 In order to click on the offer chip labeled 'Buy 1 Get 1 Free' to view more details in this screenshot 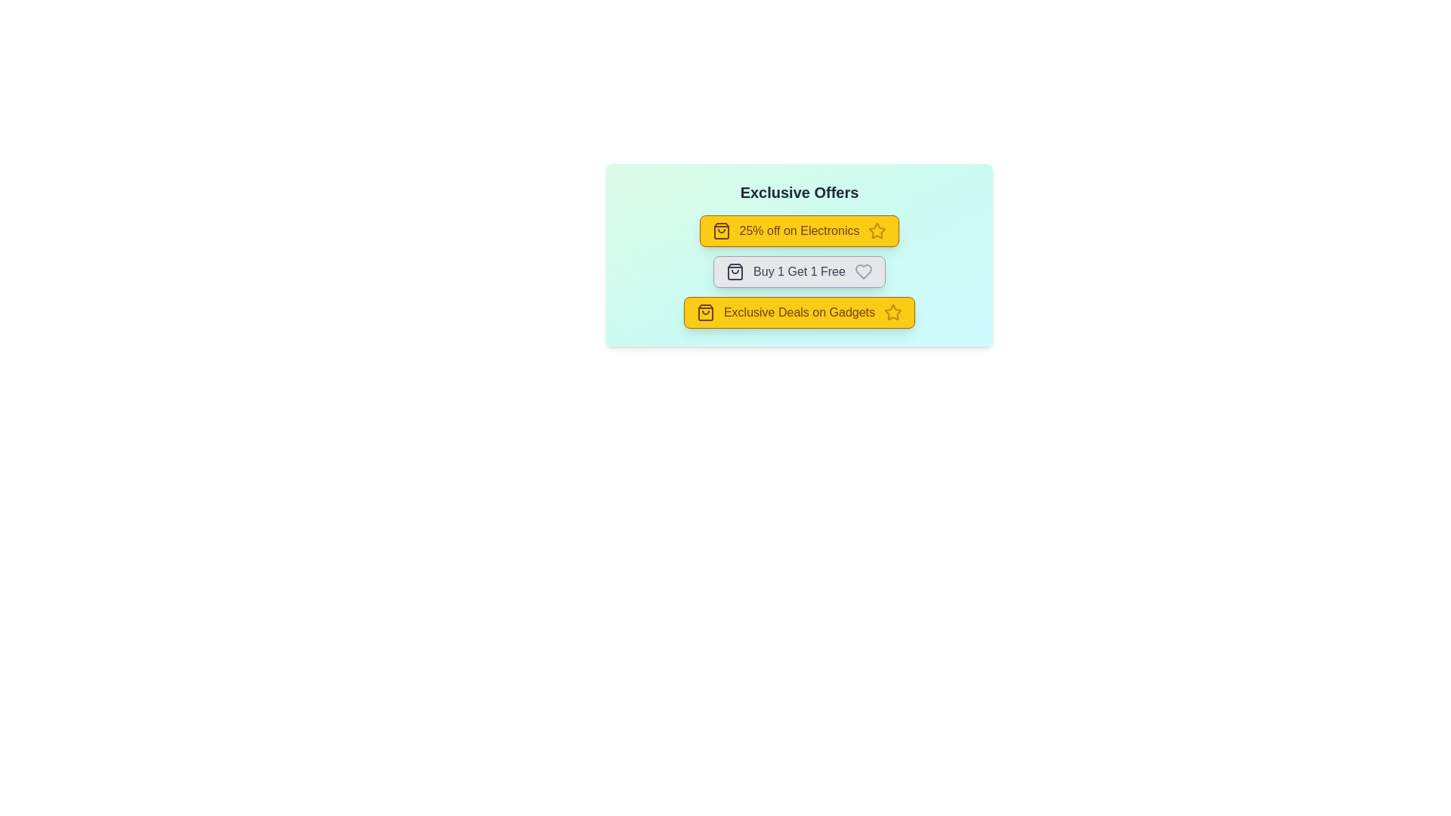, I will do `click(798, 270)`.